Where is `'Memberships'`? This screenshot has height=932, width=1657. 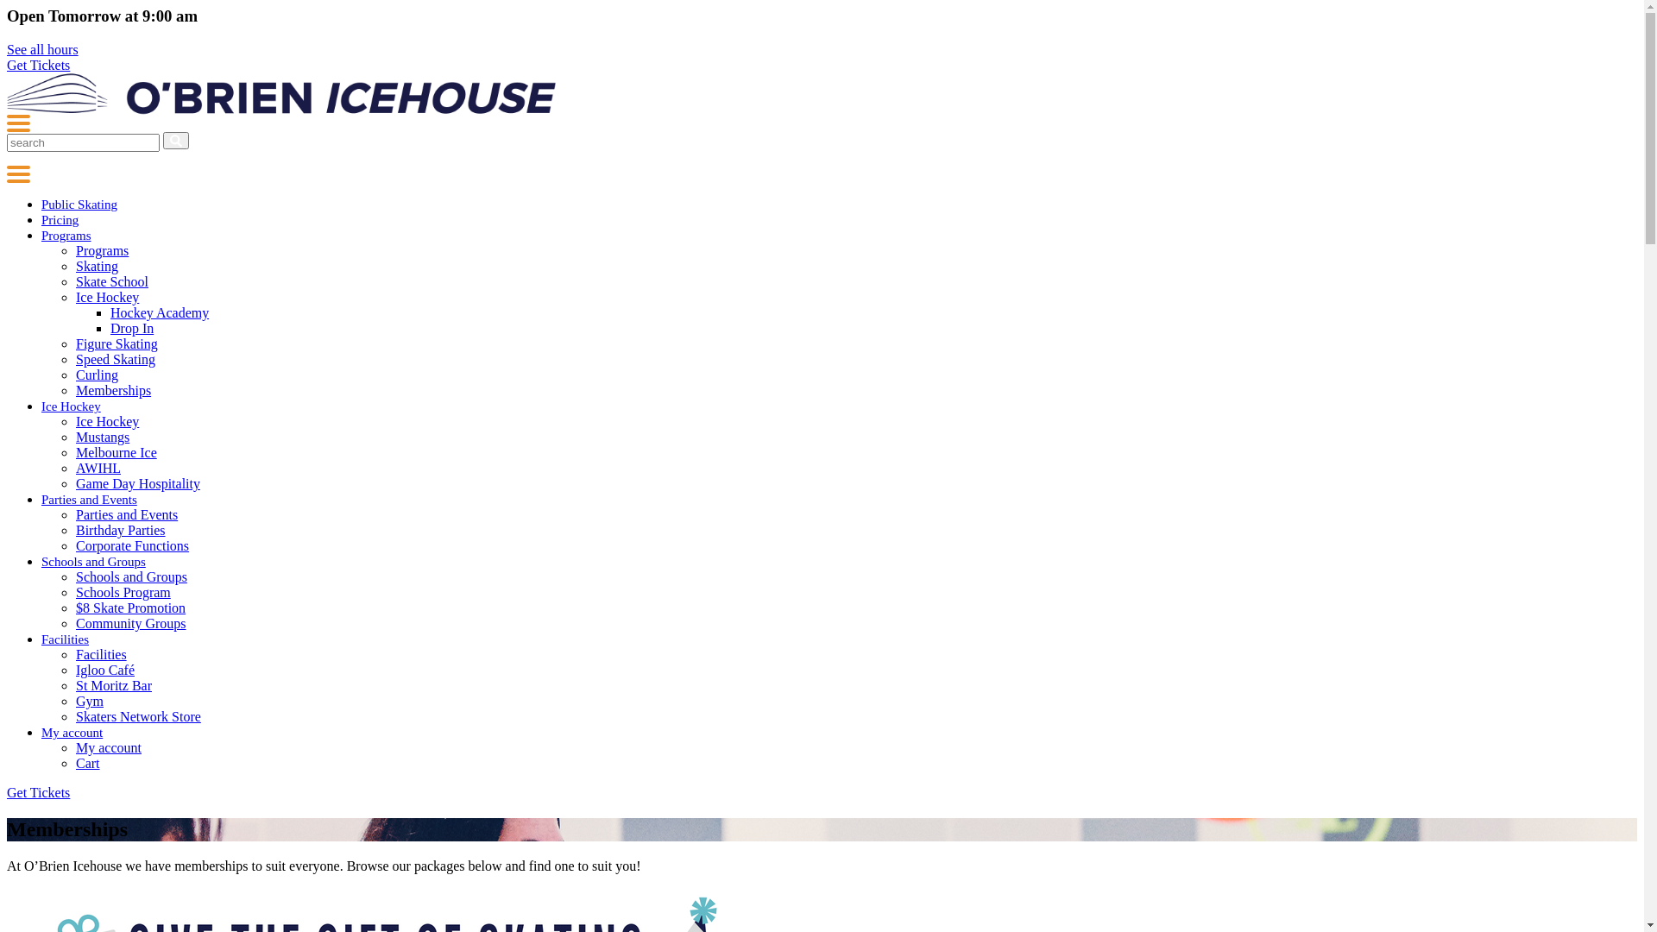 'Memberships' is located at coordinates (112, 390).